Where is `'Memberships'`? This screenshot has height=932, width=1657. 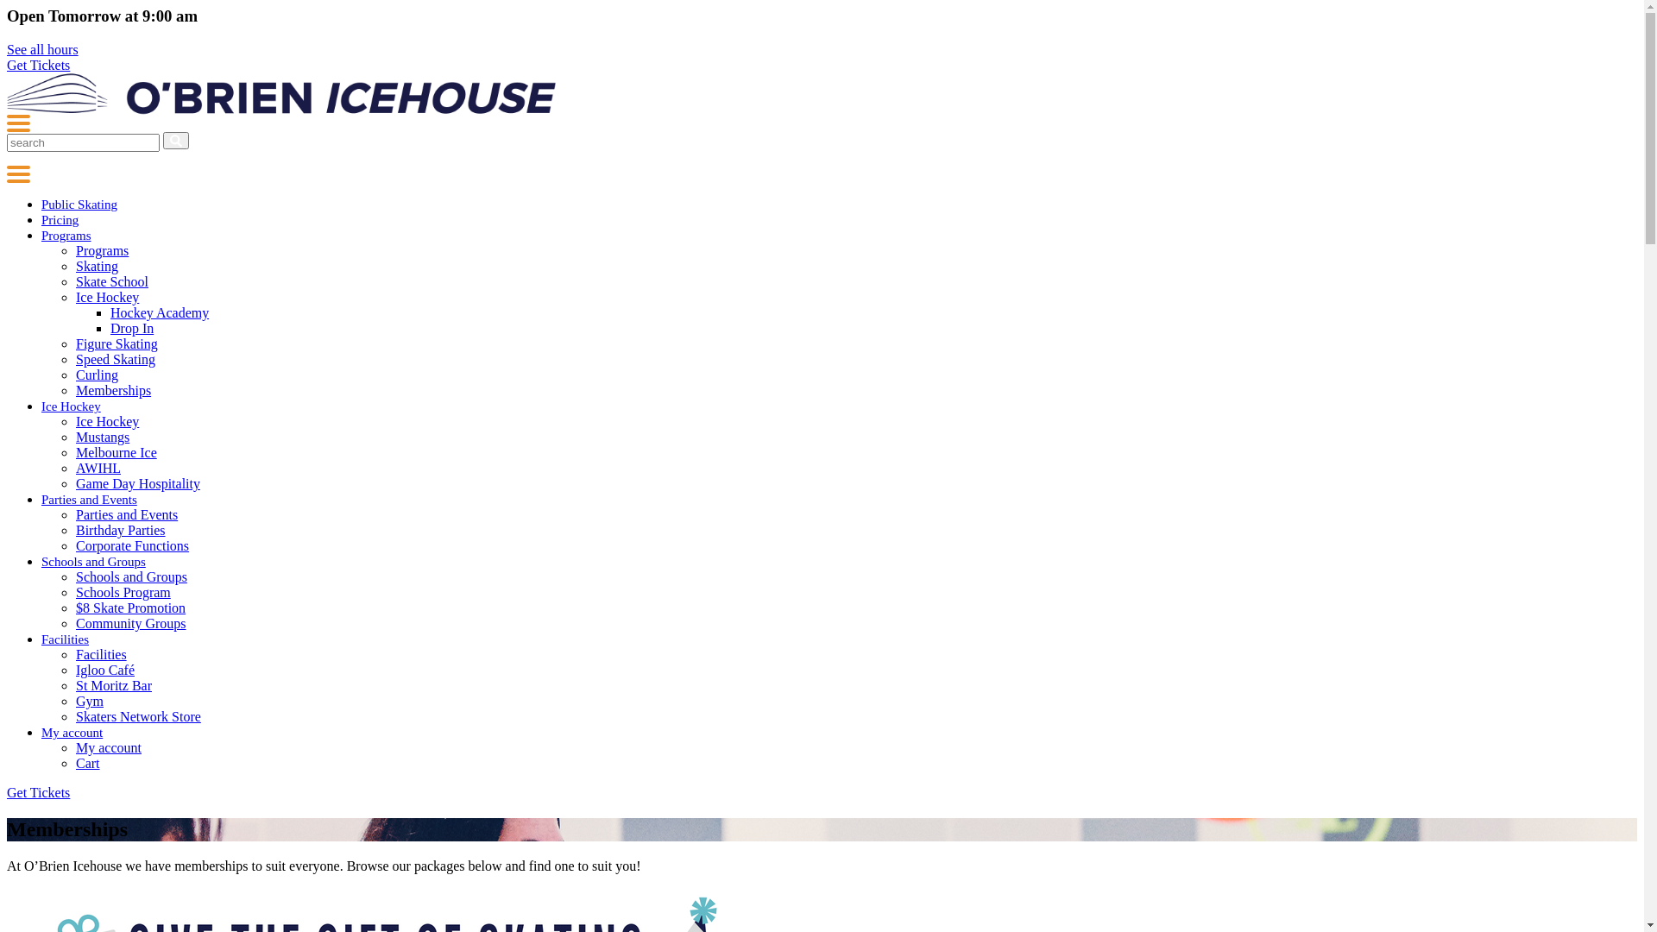 'Memberships' is located at coordinates (112, 390).